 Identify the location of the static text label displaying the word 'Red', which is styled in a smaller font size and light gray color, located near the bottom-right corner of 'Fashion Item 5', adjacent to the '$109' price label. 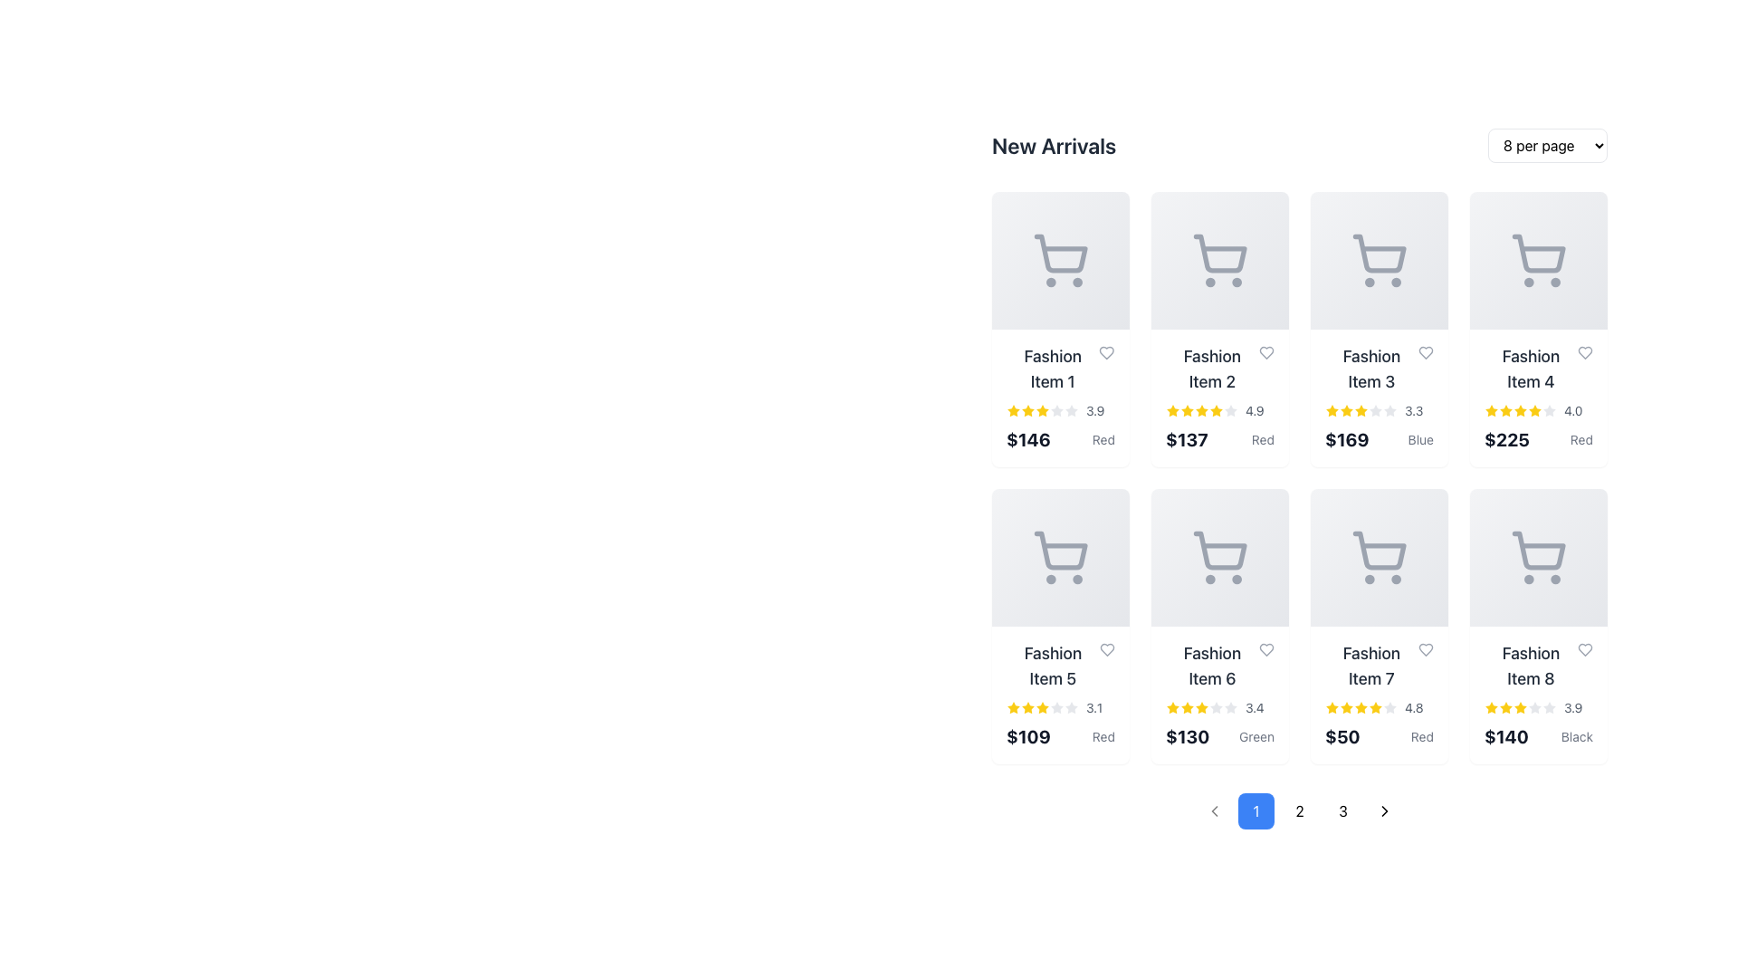
(1103, 736).